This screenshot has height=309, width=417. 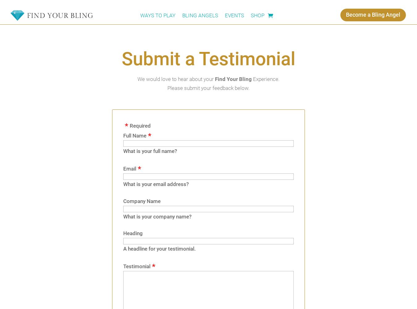 What do you see at coordinates (141, 201) in the screenshot?
I see `'Company Name'` at bounding box center [141, 201].